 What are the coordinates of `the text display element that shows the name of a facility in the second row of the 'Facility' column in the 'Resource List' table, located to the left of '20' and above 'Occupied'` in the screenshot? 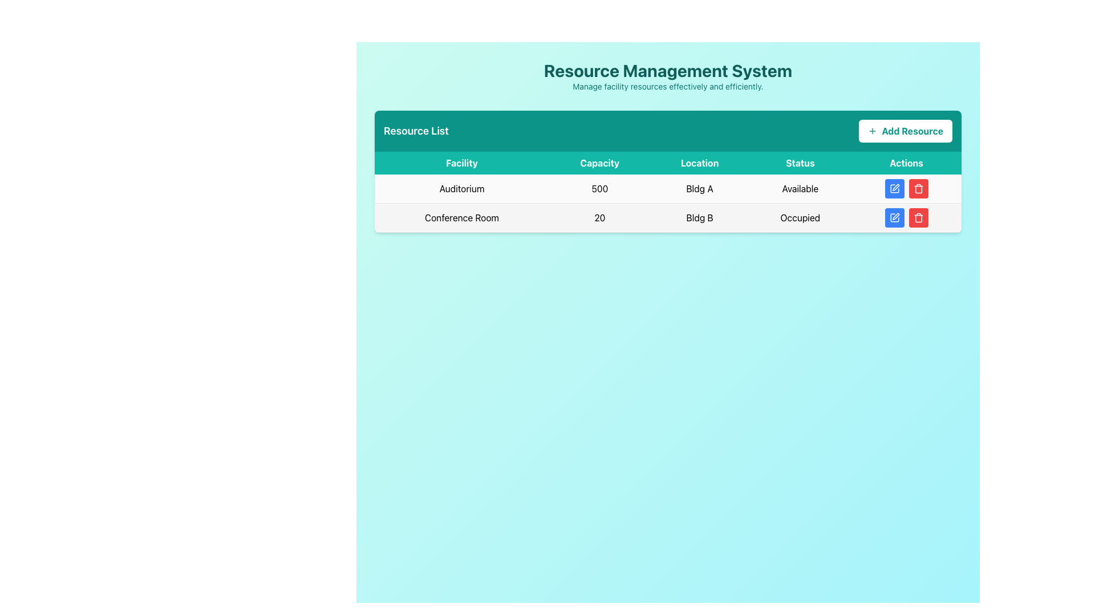 It's located at (462, 217).